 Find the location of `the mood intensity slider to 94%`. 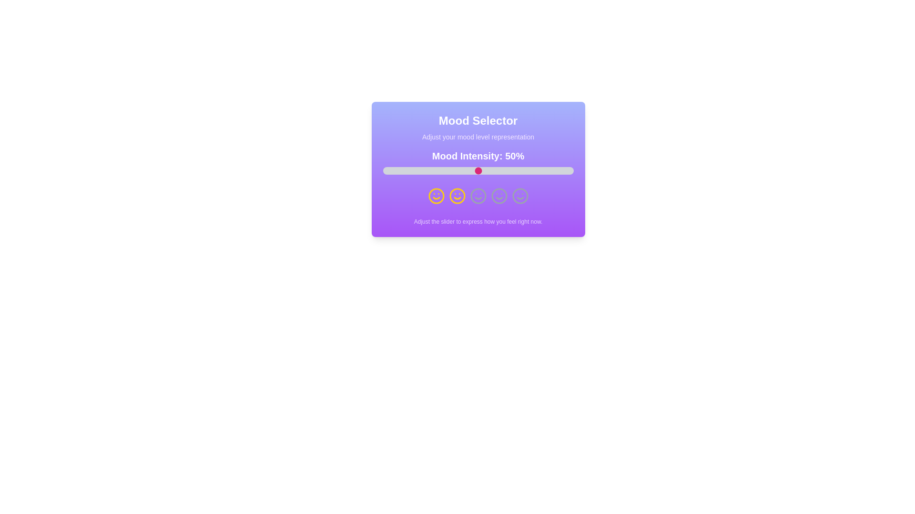

the mood intensity slider to 94% is located at coordinates (562, 170).